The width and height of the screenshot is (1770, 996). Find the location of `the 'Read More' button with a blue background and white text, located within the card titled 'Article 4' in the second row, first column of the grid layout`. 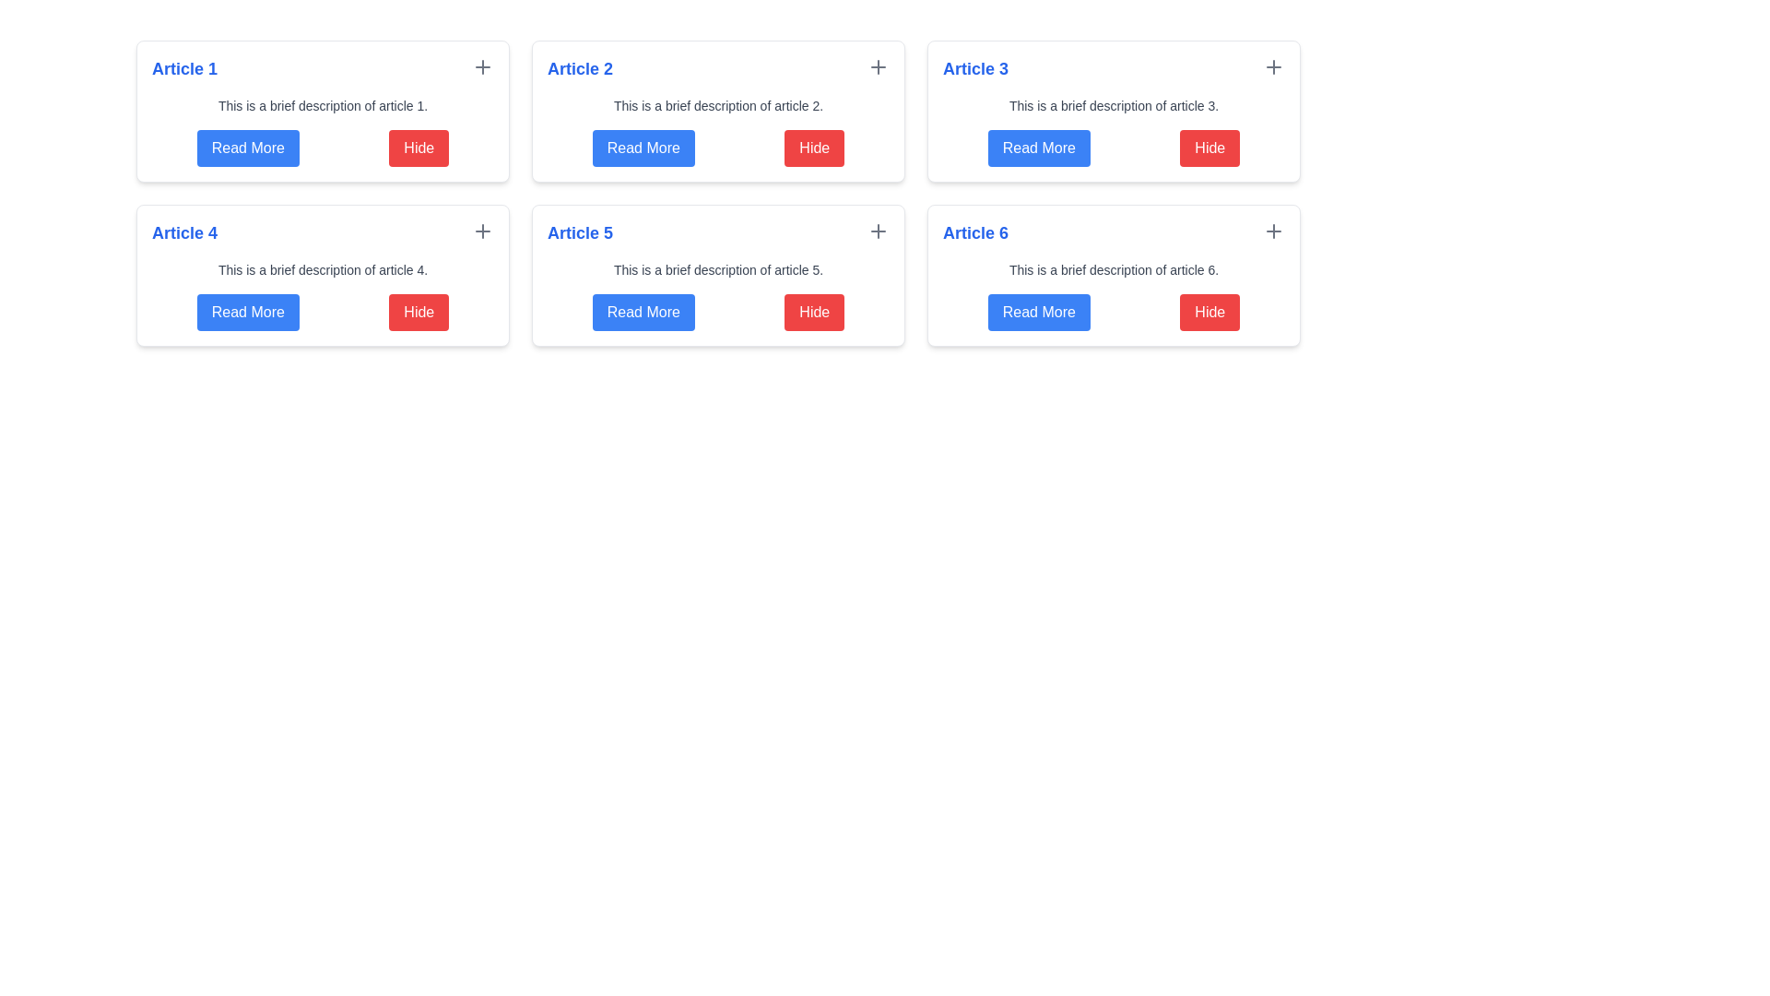

the 'Read More' button with a blue background and white text, located within the card titled 'Article 4' in the second row, first column of the grid layout is located at coordinates (247, 312).